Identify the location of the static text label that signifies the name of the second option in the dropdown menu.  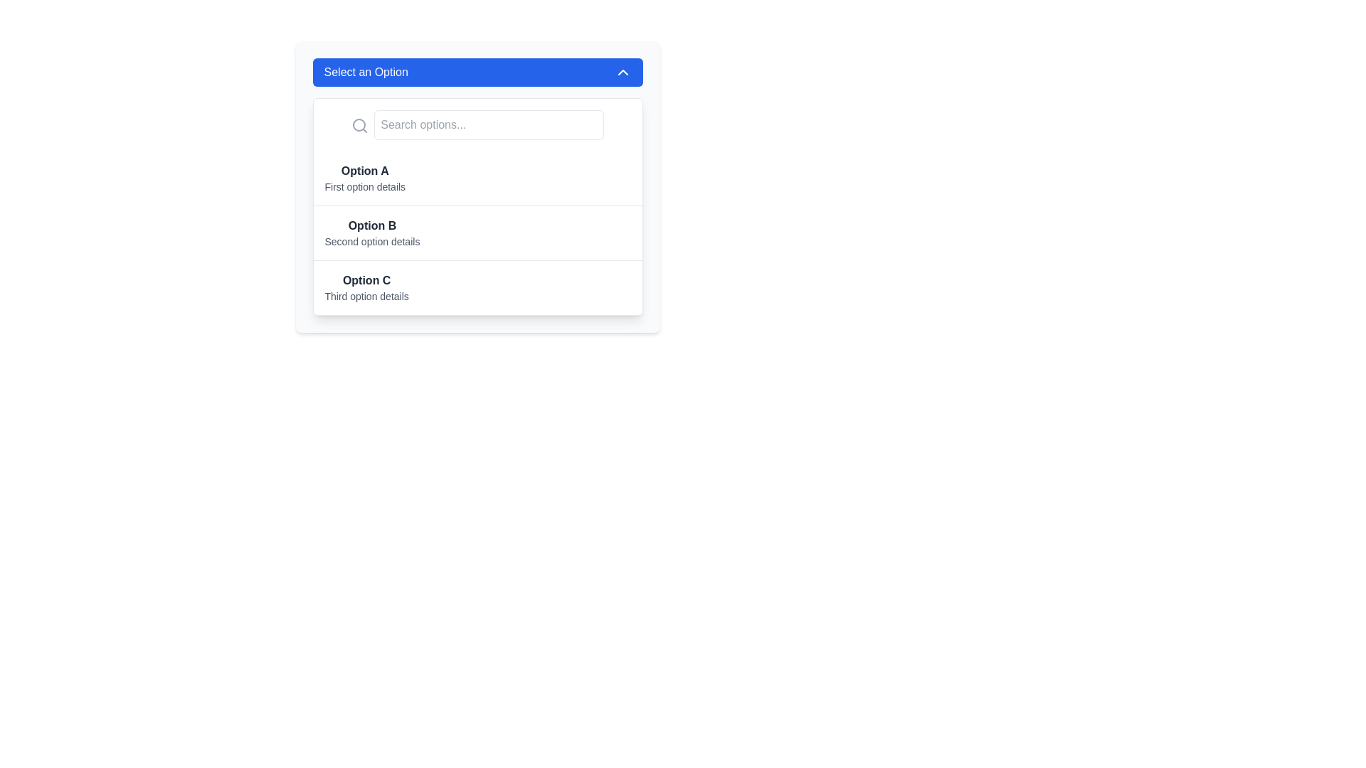
(372, 225).